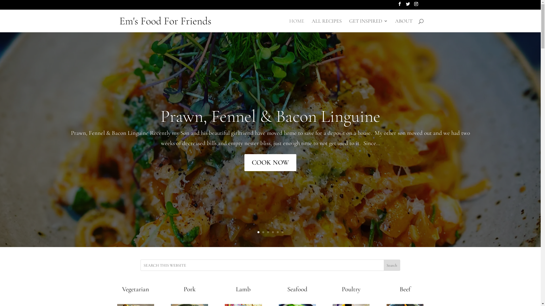 The height and width of the screenshot is (306, 545). I want to click on 'Search', so click(391, 265).